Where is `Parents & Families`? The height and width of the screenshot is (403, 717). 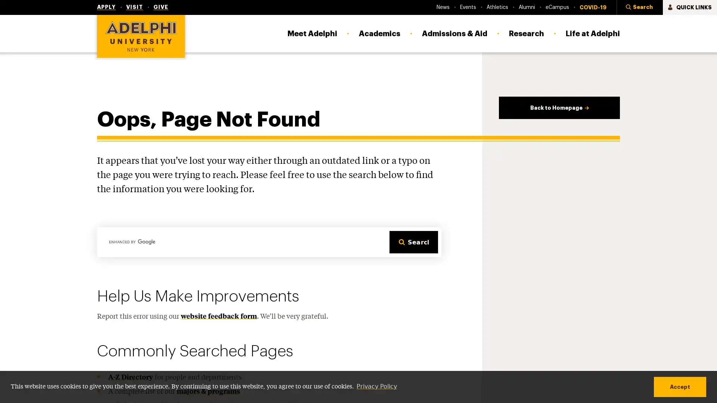
Parents & Families is located at coordinates (500, 91).